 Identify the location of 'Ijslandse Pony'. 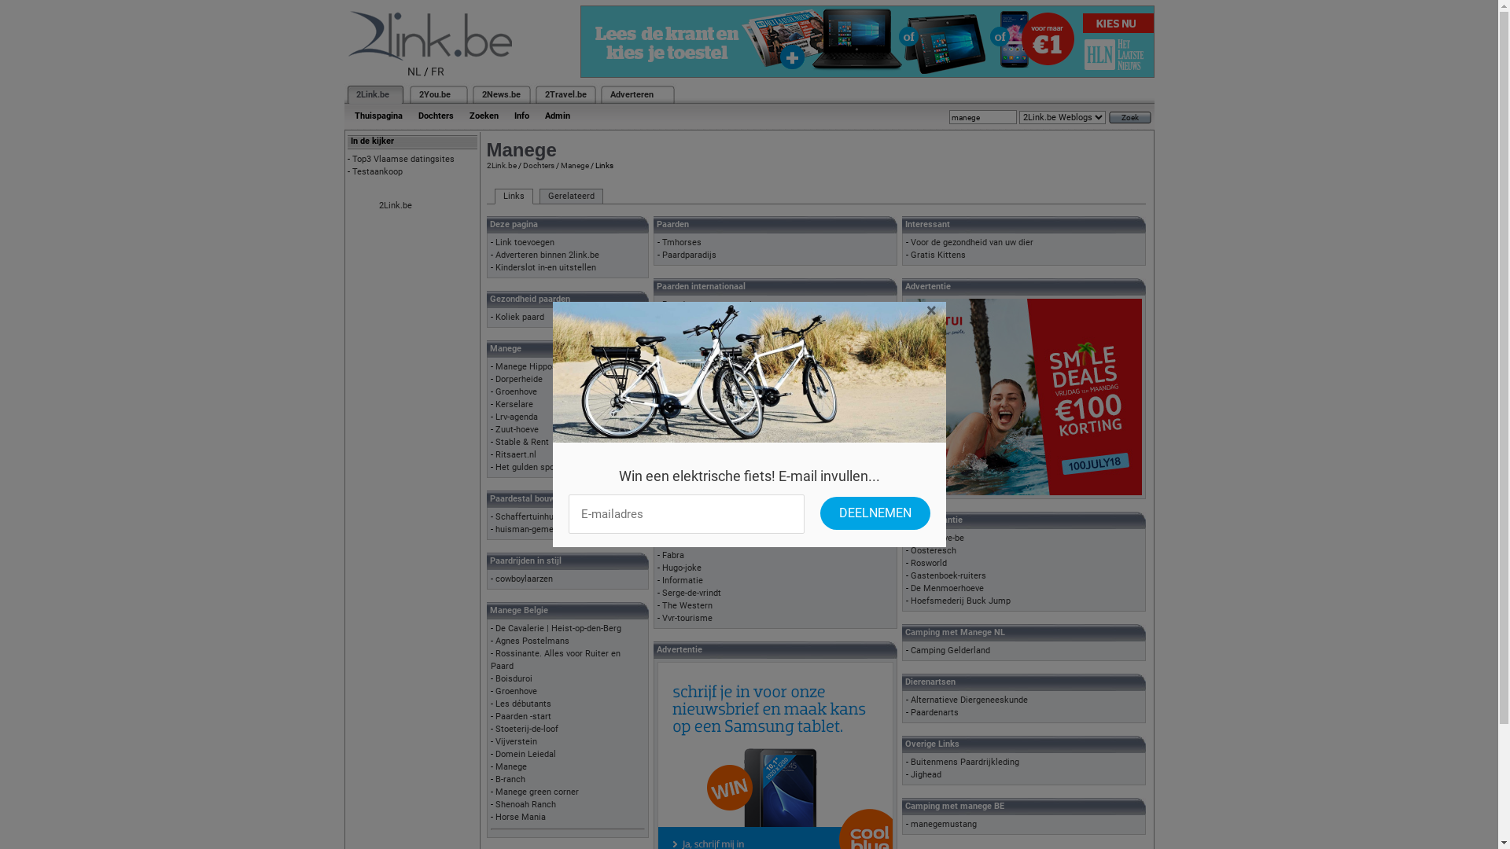
(691, 455).